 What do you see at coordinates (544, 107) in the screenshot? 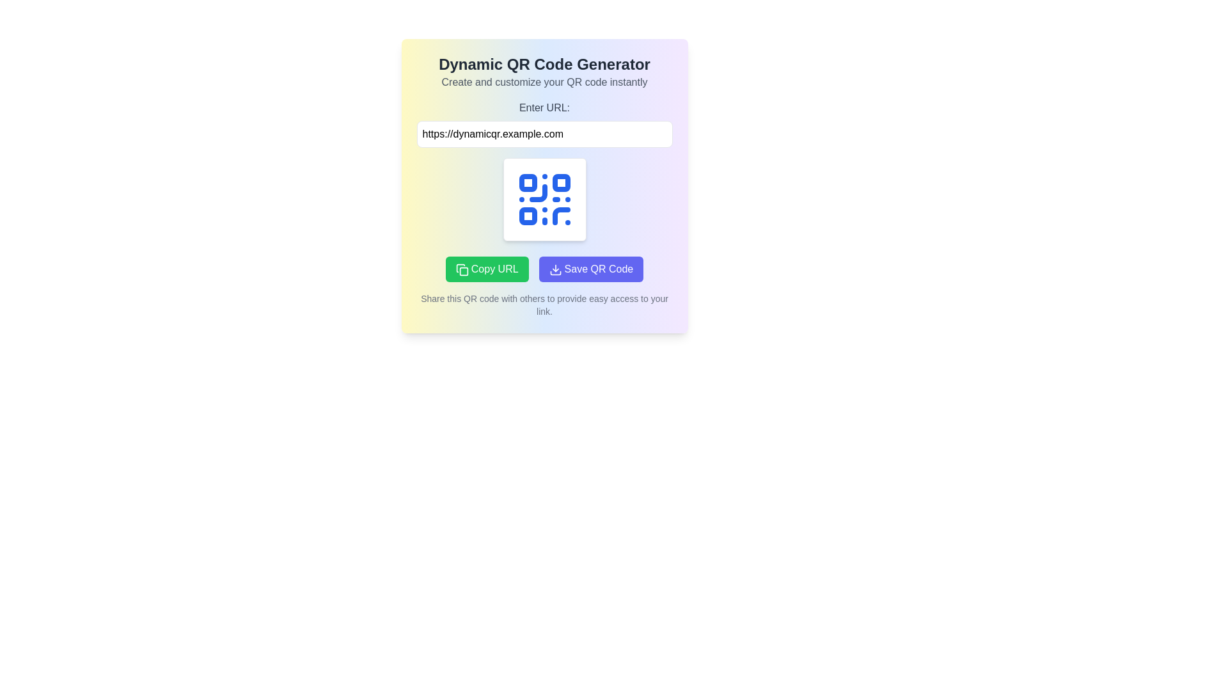
I see `the label element that contains the text 'Enter URL:', styled with a neutral gray color and positioned above an input field` at bounding box center [544, 107].